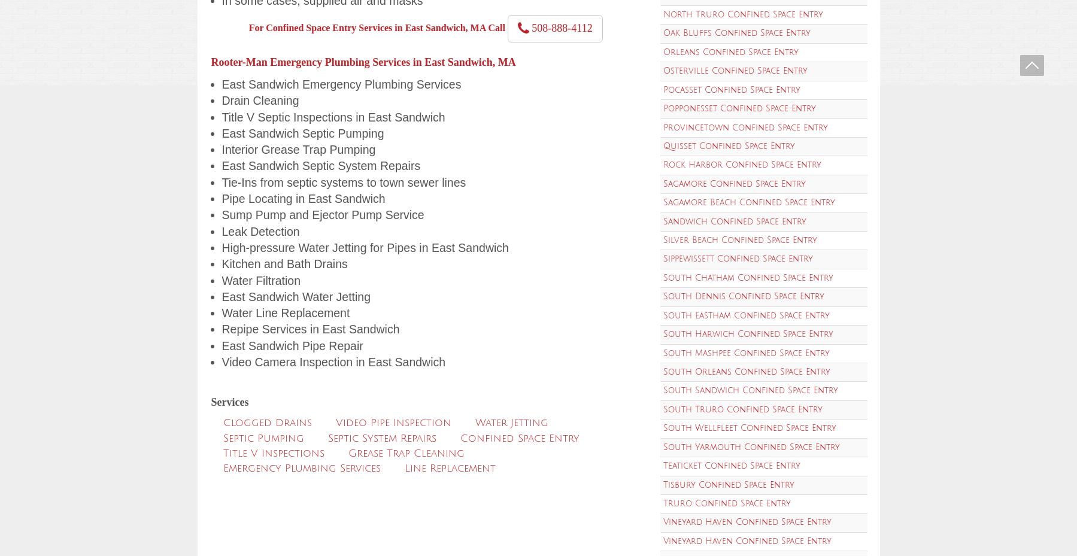  I want to click on 'Truro Confined Space Entry', so click(662, 503).